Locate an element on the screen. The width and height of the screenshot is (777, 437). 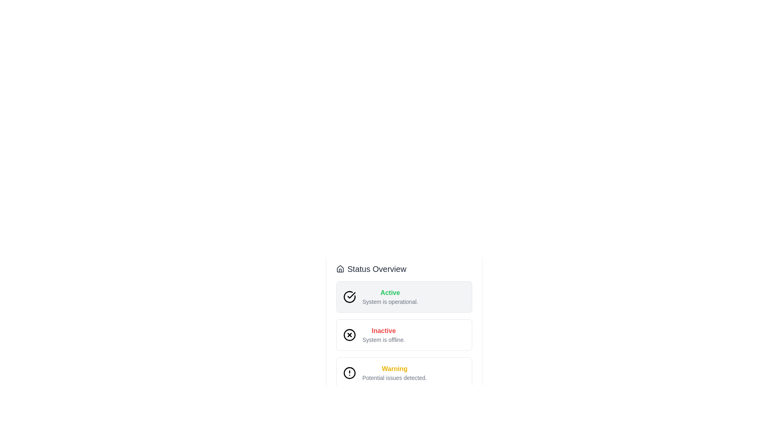
the text label displaying 'System is operational.' located directly below the green 'Active' label in the 'Active' status section is located at coordinates (390, 301).